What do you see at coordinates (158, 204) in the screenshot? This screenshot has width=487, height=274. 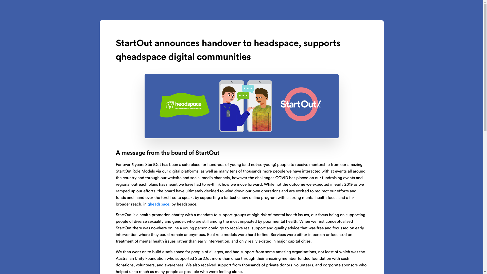 I see `'qheadspace'` at bounding box center [158, 204].